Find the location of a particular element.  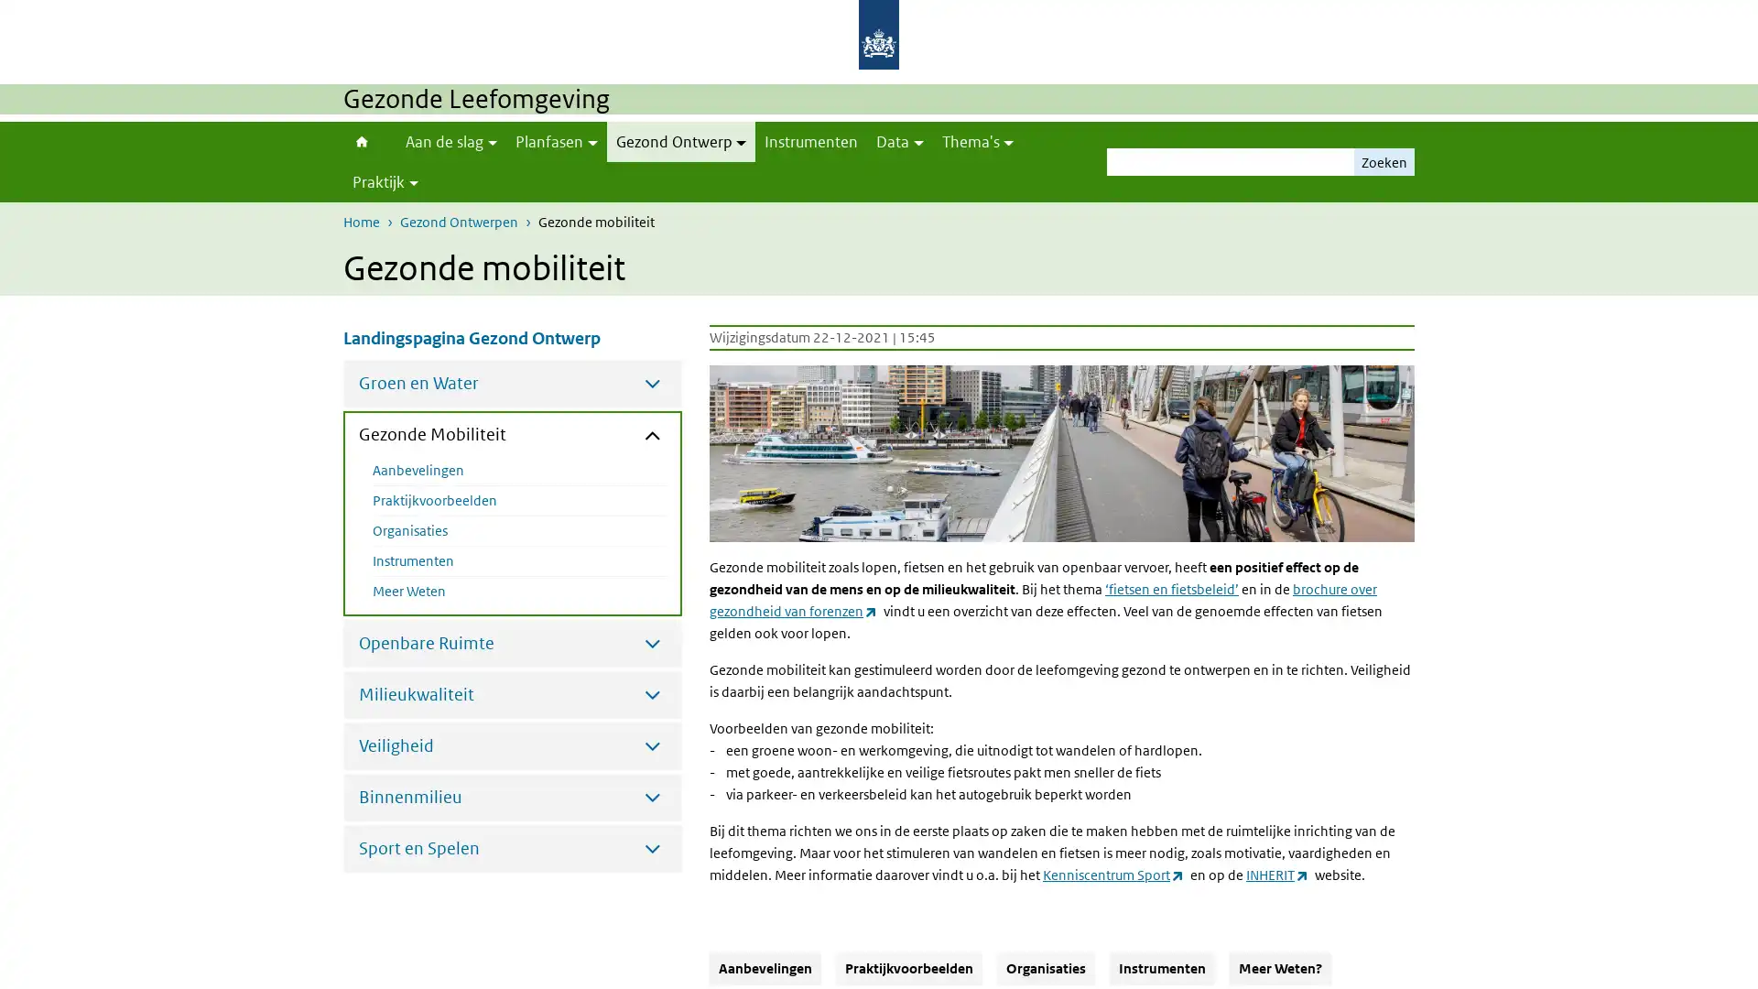

Submenu openen is located at coordinates (653, 381).